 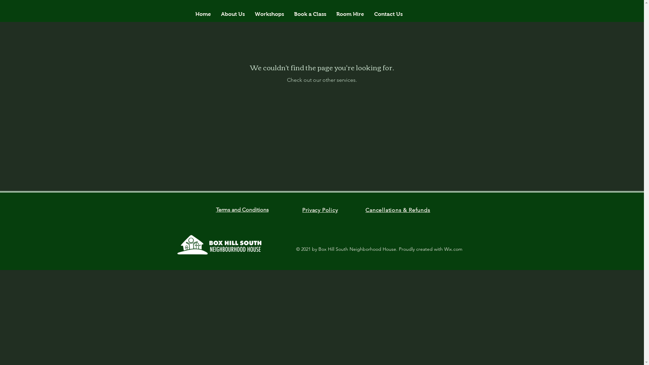 I want to click on 'Contact Us', so click(x=388, y=14).